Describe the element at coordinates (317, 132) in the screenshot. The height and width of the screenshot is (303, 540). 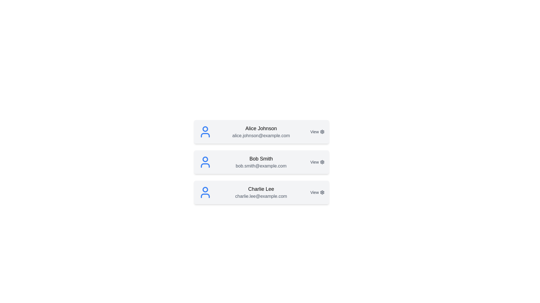
I see `the 'View' text link element located in the right portion of the first user profile card, adjacent to the settings icon` at that location.